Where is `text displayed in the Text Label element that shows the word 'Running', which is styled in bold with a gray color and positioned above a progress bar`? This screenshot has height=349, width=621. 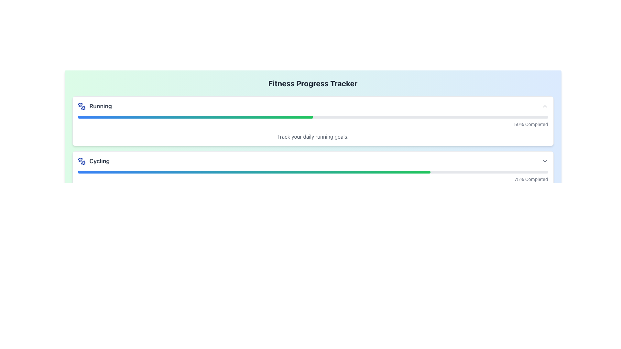
text displayed in the Text Label element that shows the word 'Running', which is styled in bold with a gray color and positioned above a progress bar is located at coordinates (100, 106).